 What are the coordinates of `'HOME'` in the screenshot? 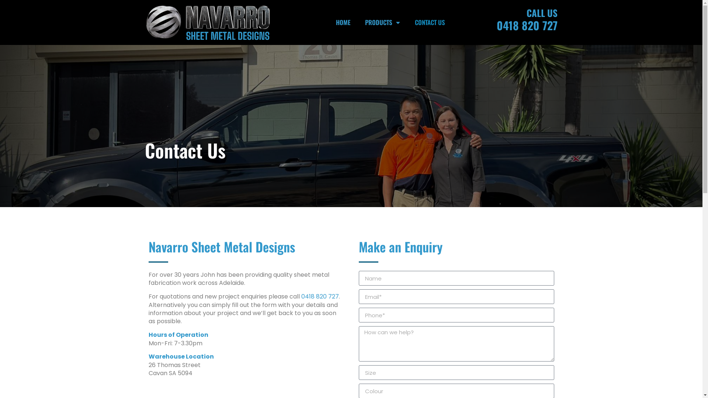 It's located at (343, 22).